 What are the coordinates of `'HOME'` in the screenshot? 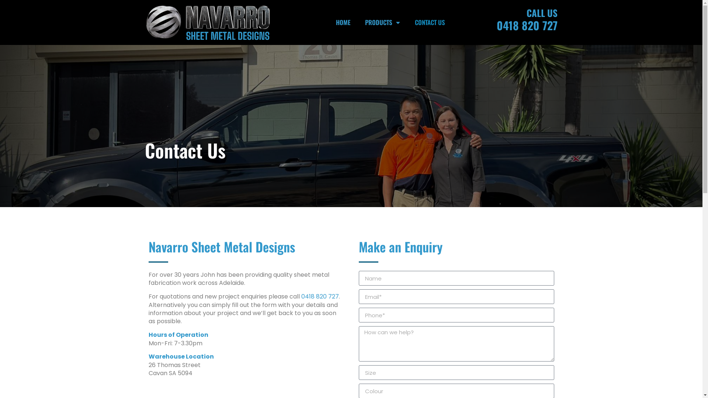 It's located at (343, 22).